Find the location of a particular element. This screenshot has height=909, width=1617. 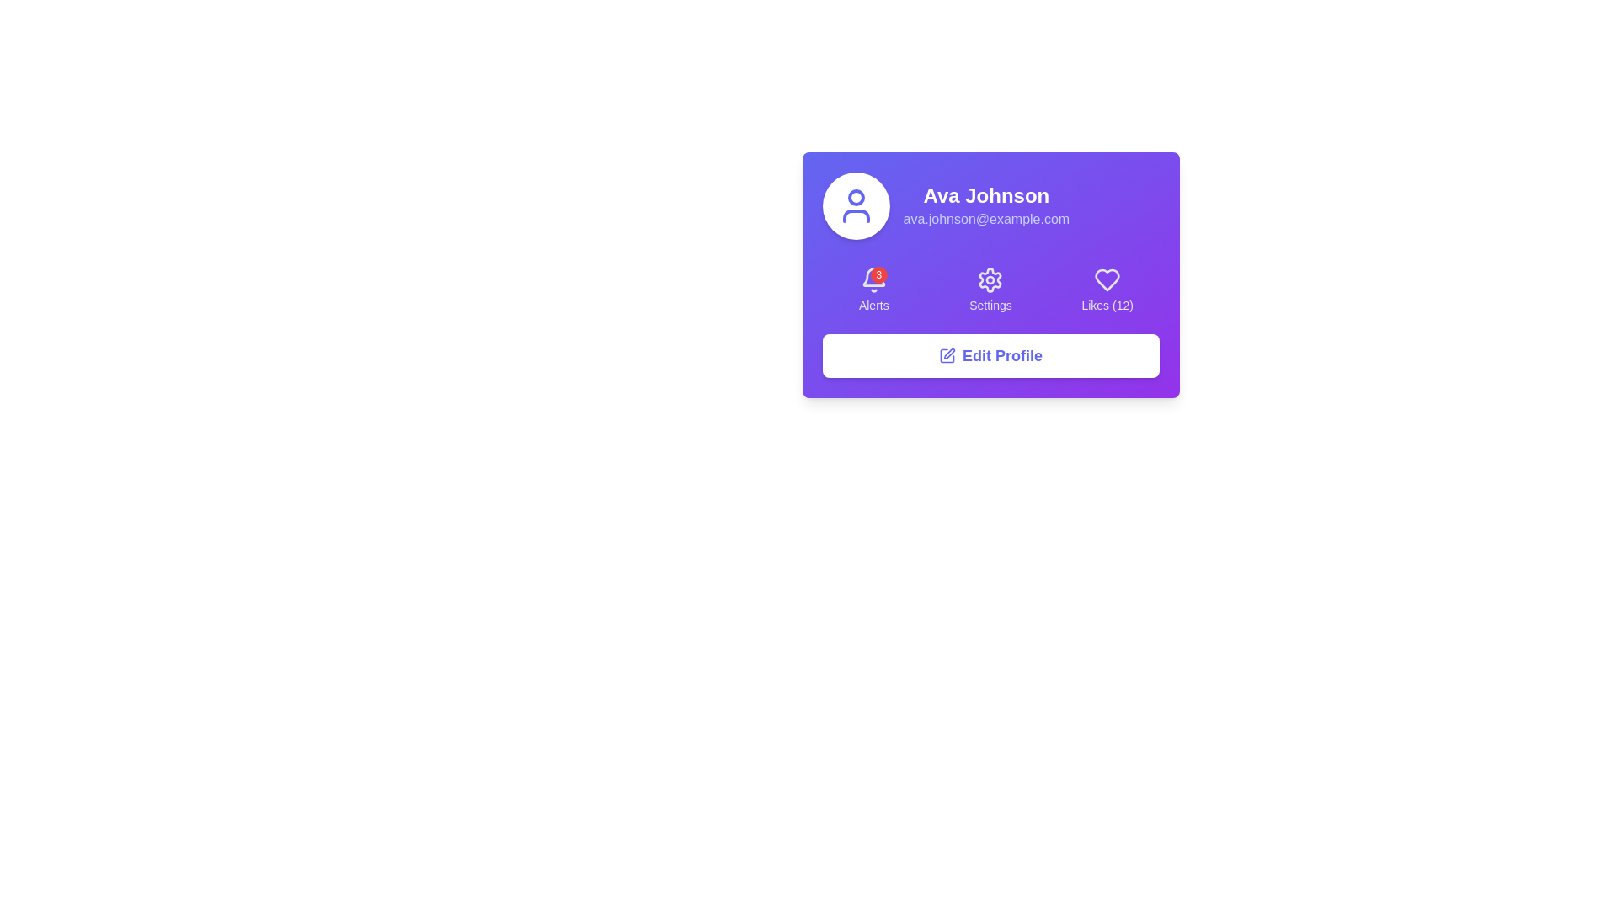

the static information display element, which is a white heart-shaped icon with the text 'Likes (12)' below it, located in a purple background card layout, positioned as the third element in a horizontally aligned grid is located at coordinates (1107, 289).